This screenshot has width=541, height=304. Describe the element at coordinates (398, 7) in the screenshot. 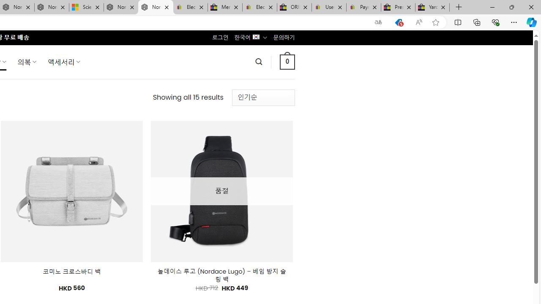

I see `'Press Room - eBay Inc.'` at that location.